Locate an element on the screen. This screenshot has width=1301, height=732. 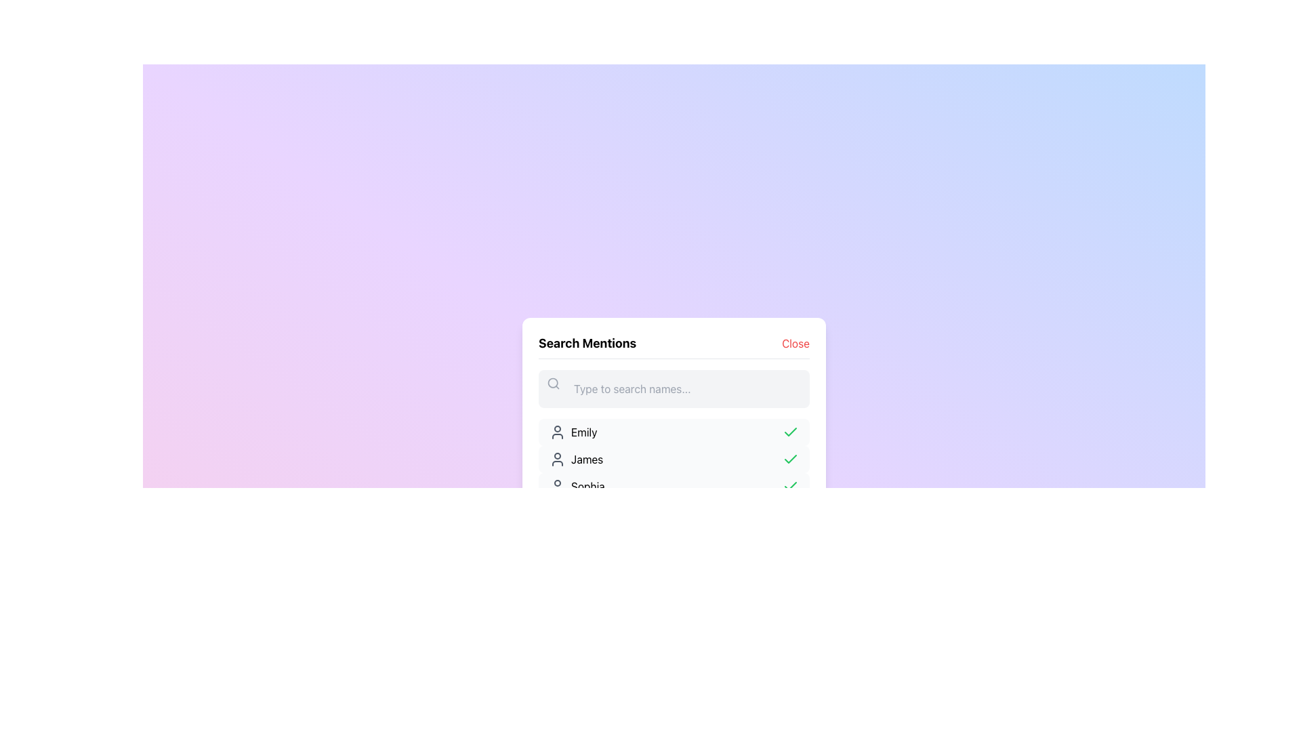
the user icon, which is a gray silhouette of a person in a minimalist design, located to the left of the entry labeled 'Emily' in the mentions dropdown is located at coordinates (557, 432).